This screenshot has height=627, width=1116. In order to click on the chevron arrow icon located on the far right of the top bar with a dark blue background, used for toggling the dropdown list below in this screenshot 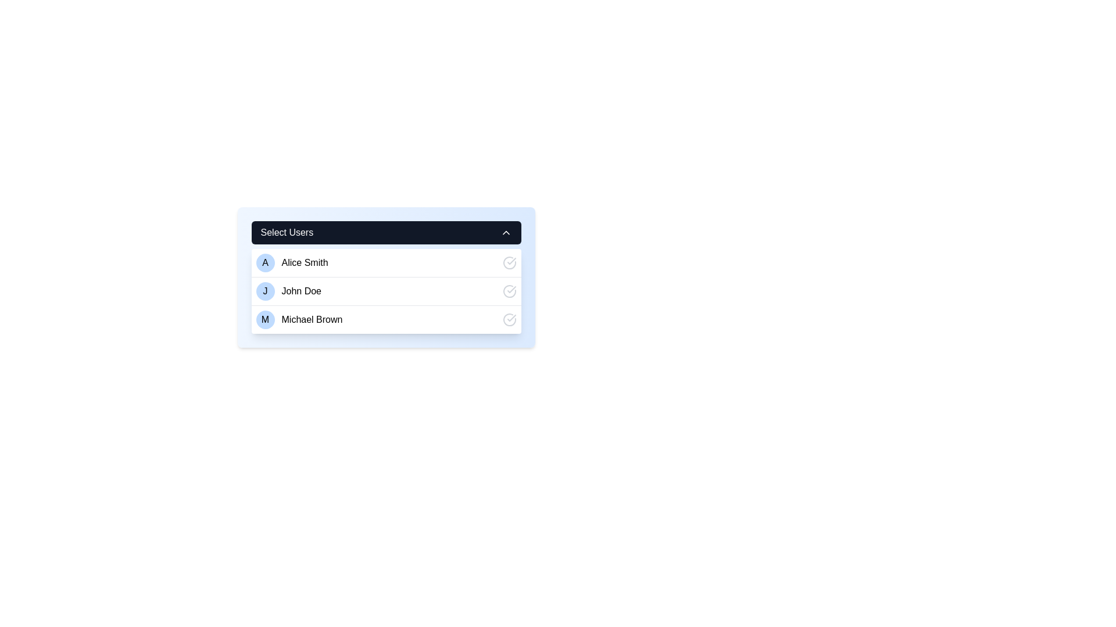, I will do `click(506, 233)`.